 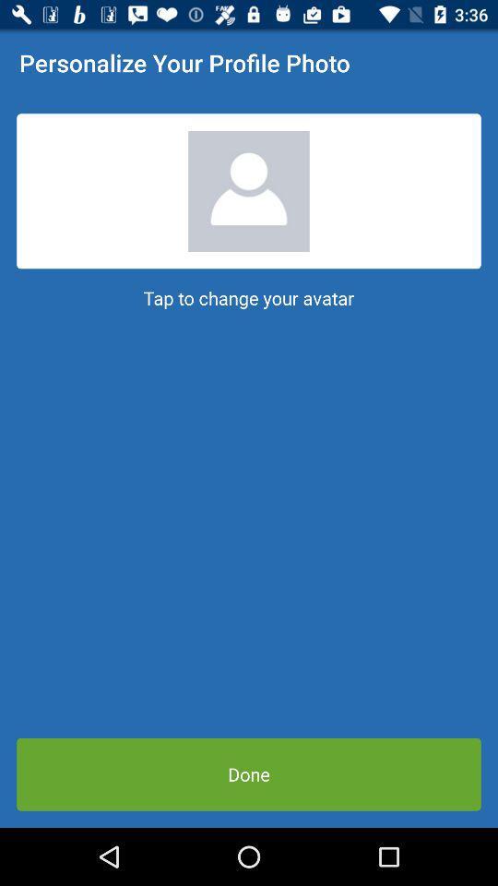 I want to click on change profile photo button, so click(x=249, y=191).